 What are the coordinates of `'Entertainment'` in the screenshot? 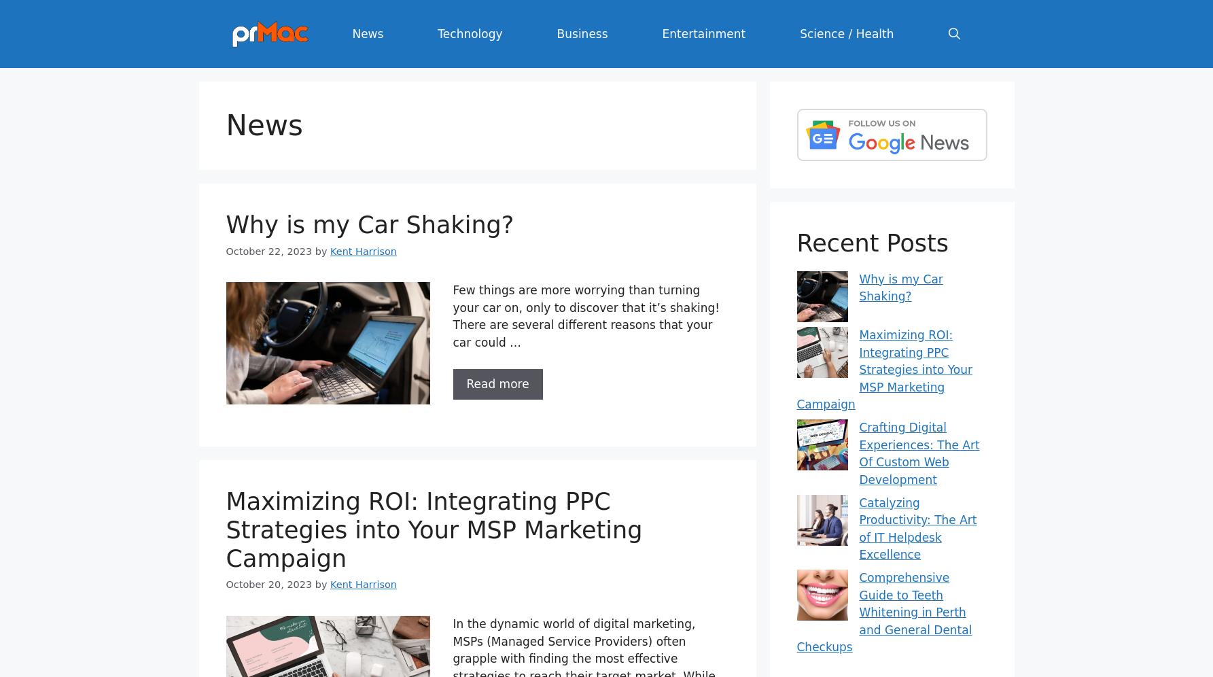 It's located at (703, 33).